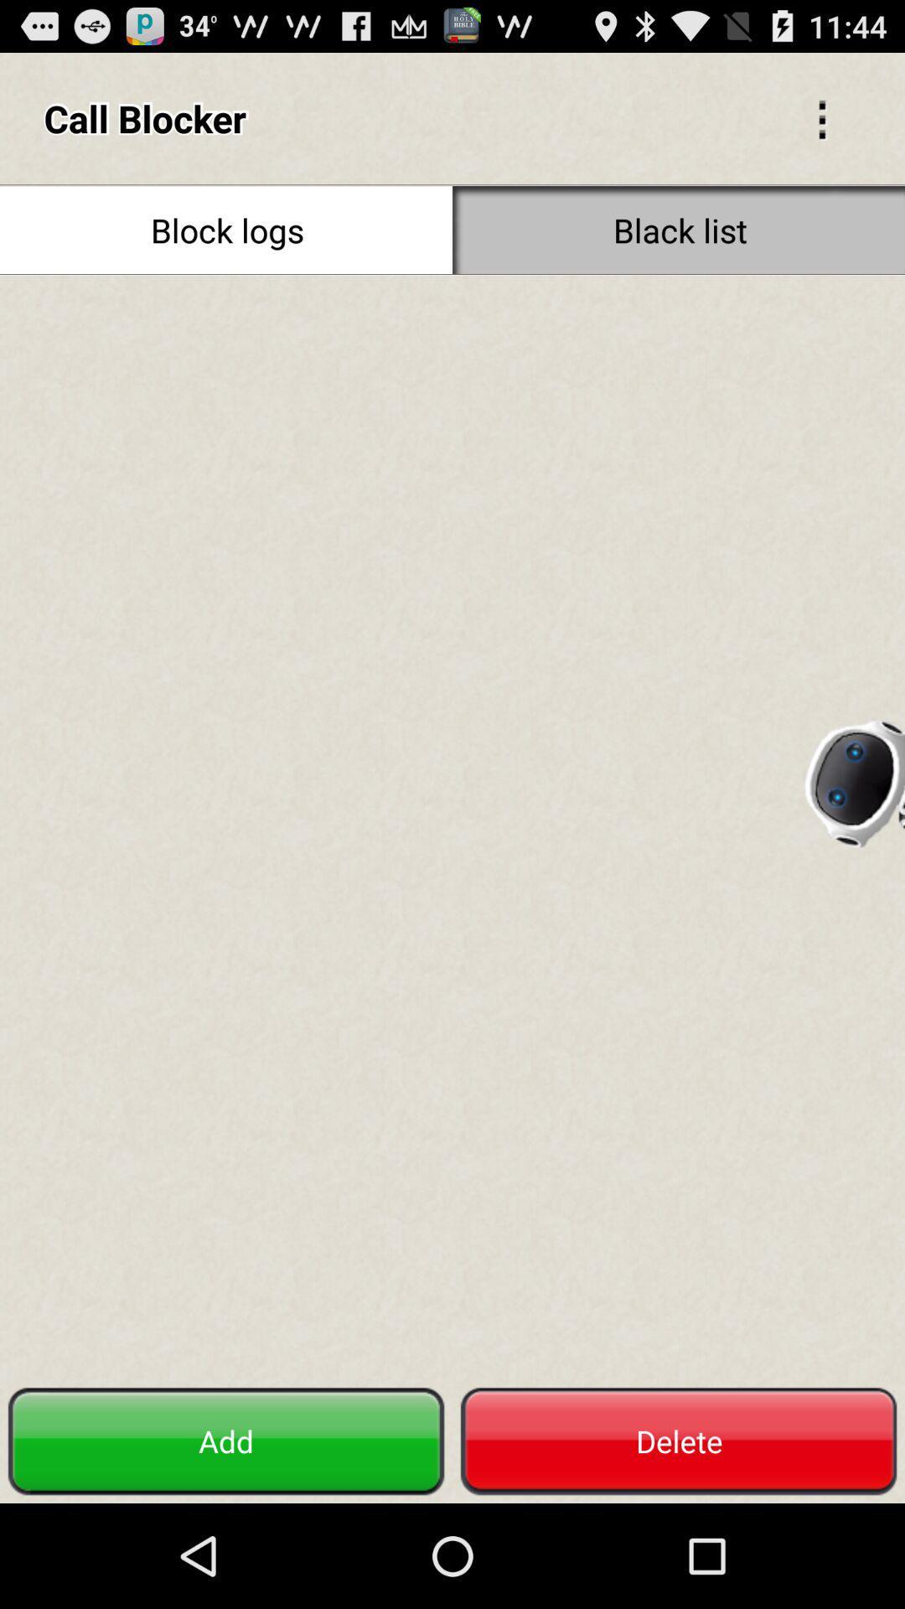  I want to click on open settings, so click(821, 117).